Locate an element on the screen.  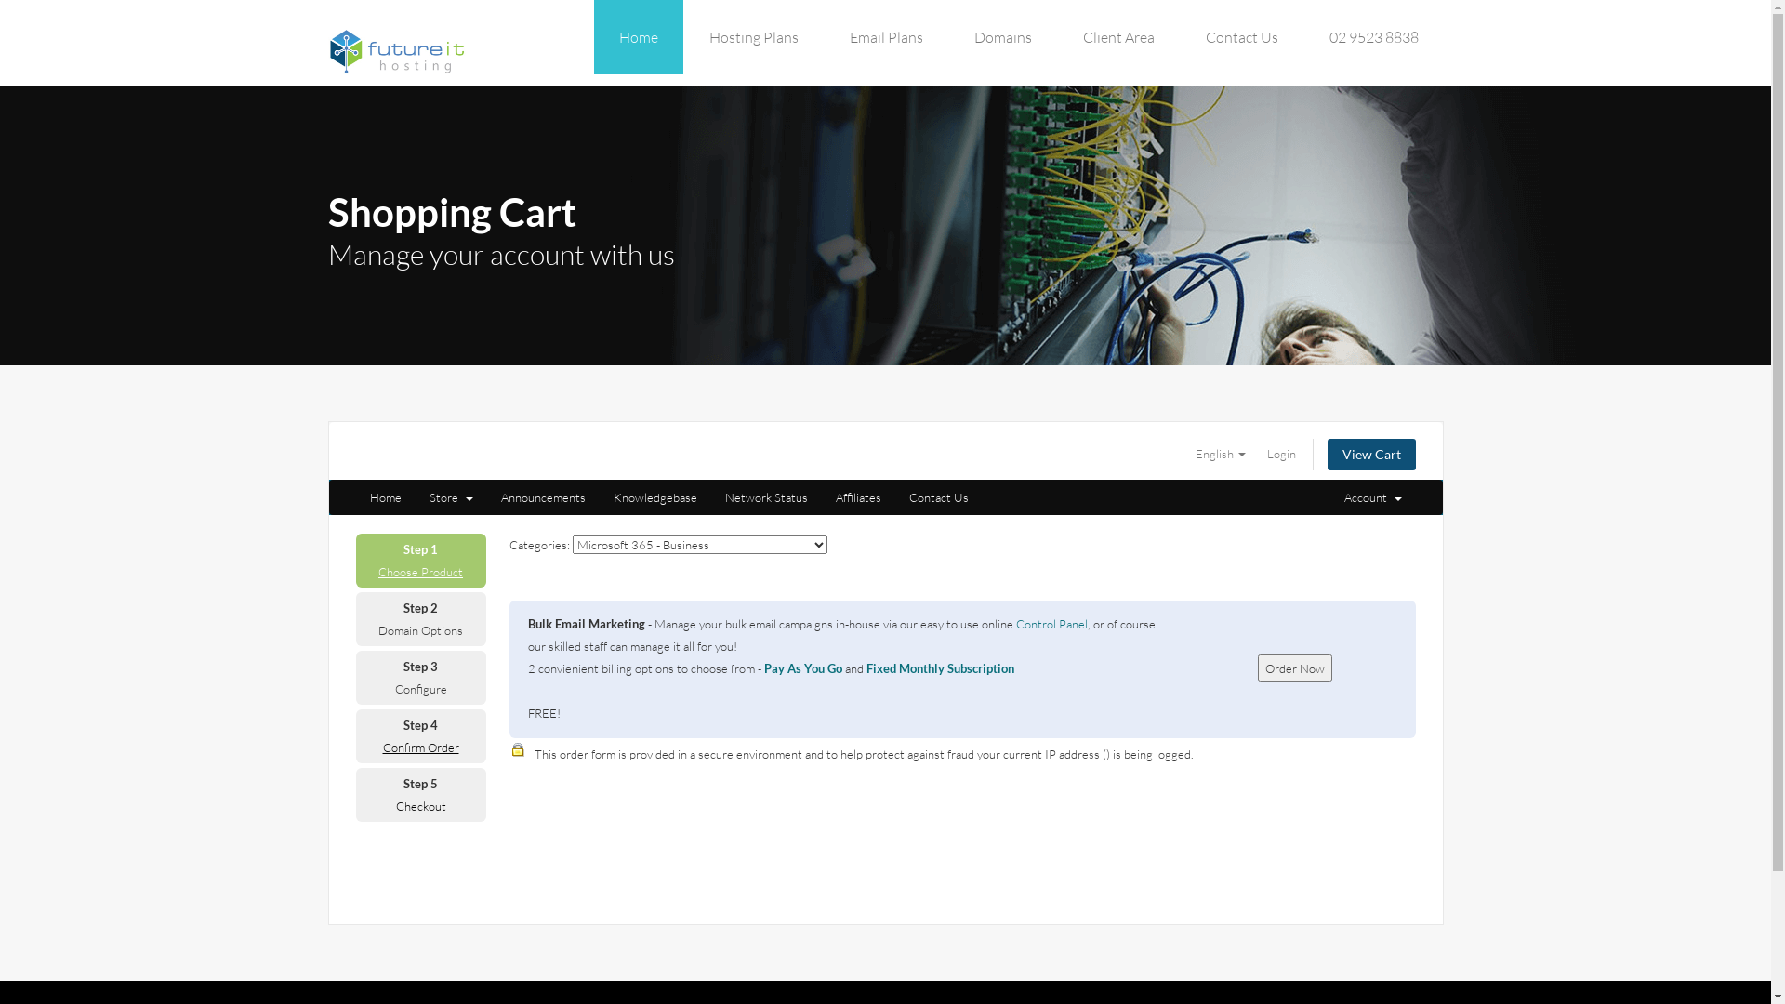
'Email Plans' is located at coordinates (884, 36).